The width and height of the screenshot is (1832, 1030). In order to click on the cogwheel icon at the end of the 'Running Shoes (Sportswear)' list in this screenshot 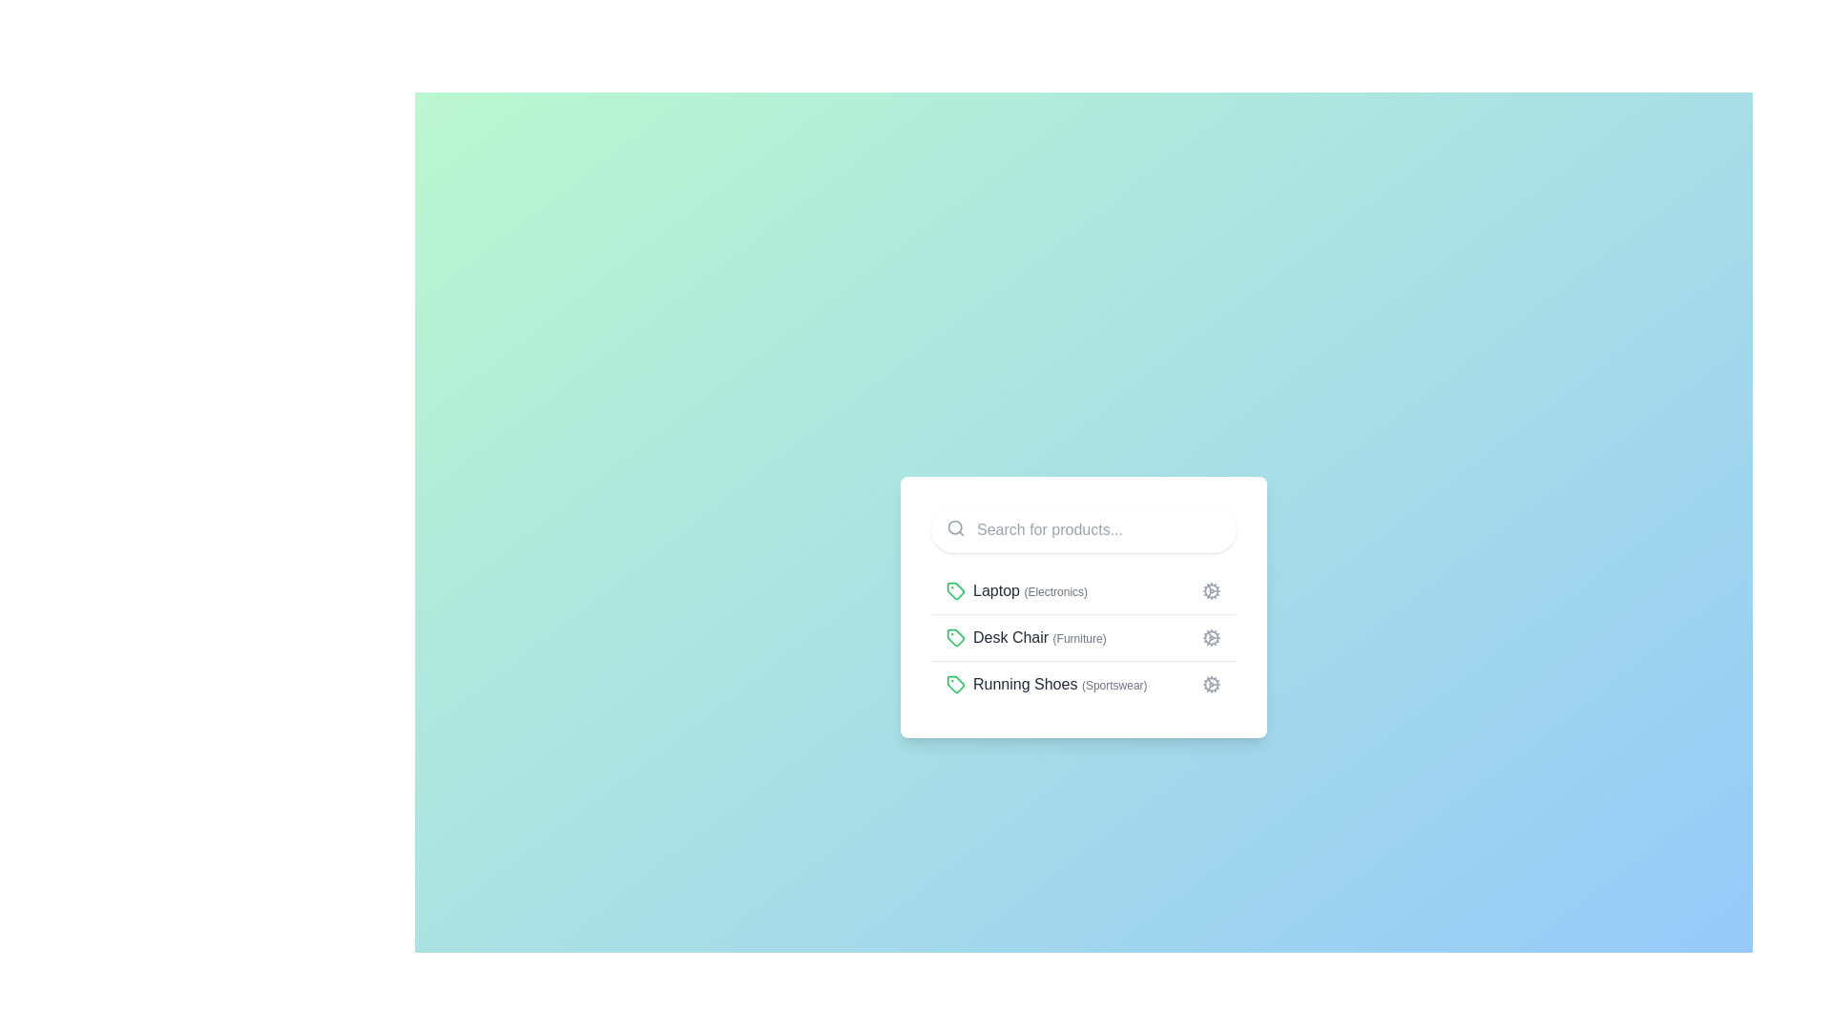, I will do `click(1211, 683)`.